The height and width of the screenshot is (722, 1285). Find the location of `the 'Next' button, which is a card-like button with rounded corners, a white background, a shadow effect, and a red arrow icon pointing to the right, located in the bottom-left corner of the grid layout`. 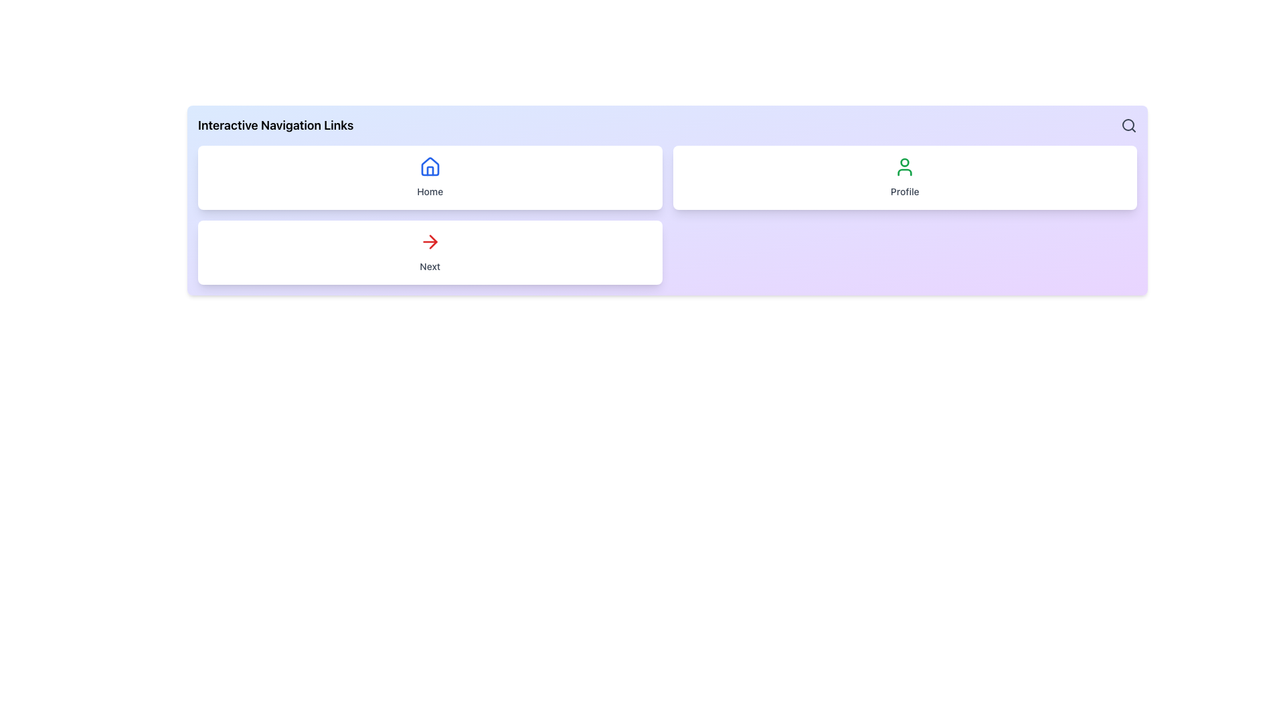

the 'Next' button, which is a card-like button with rounded corners, a white background, a shadow effect, and a red arrow icon pointing to the right, located in the bottom-left corner of the grid layout is located at coordinates (430, 253).